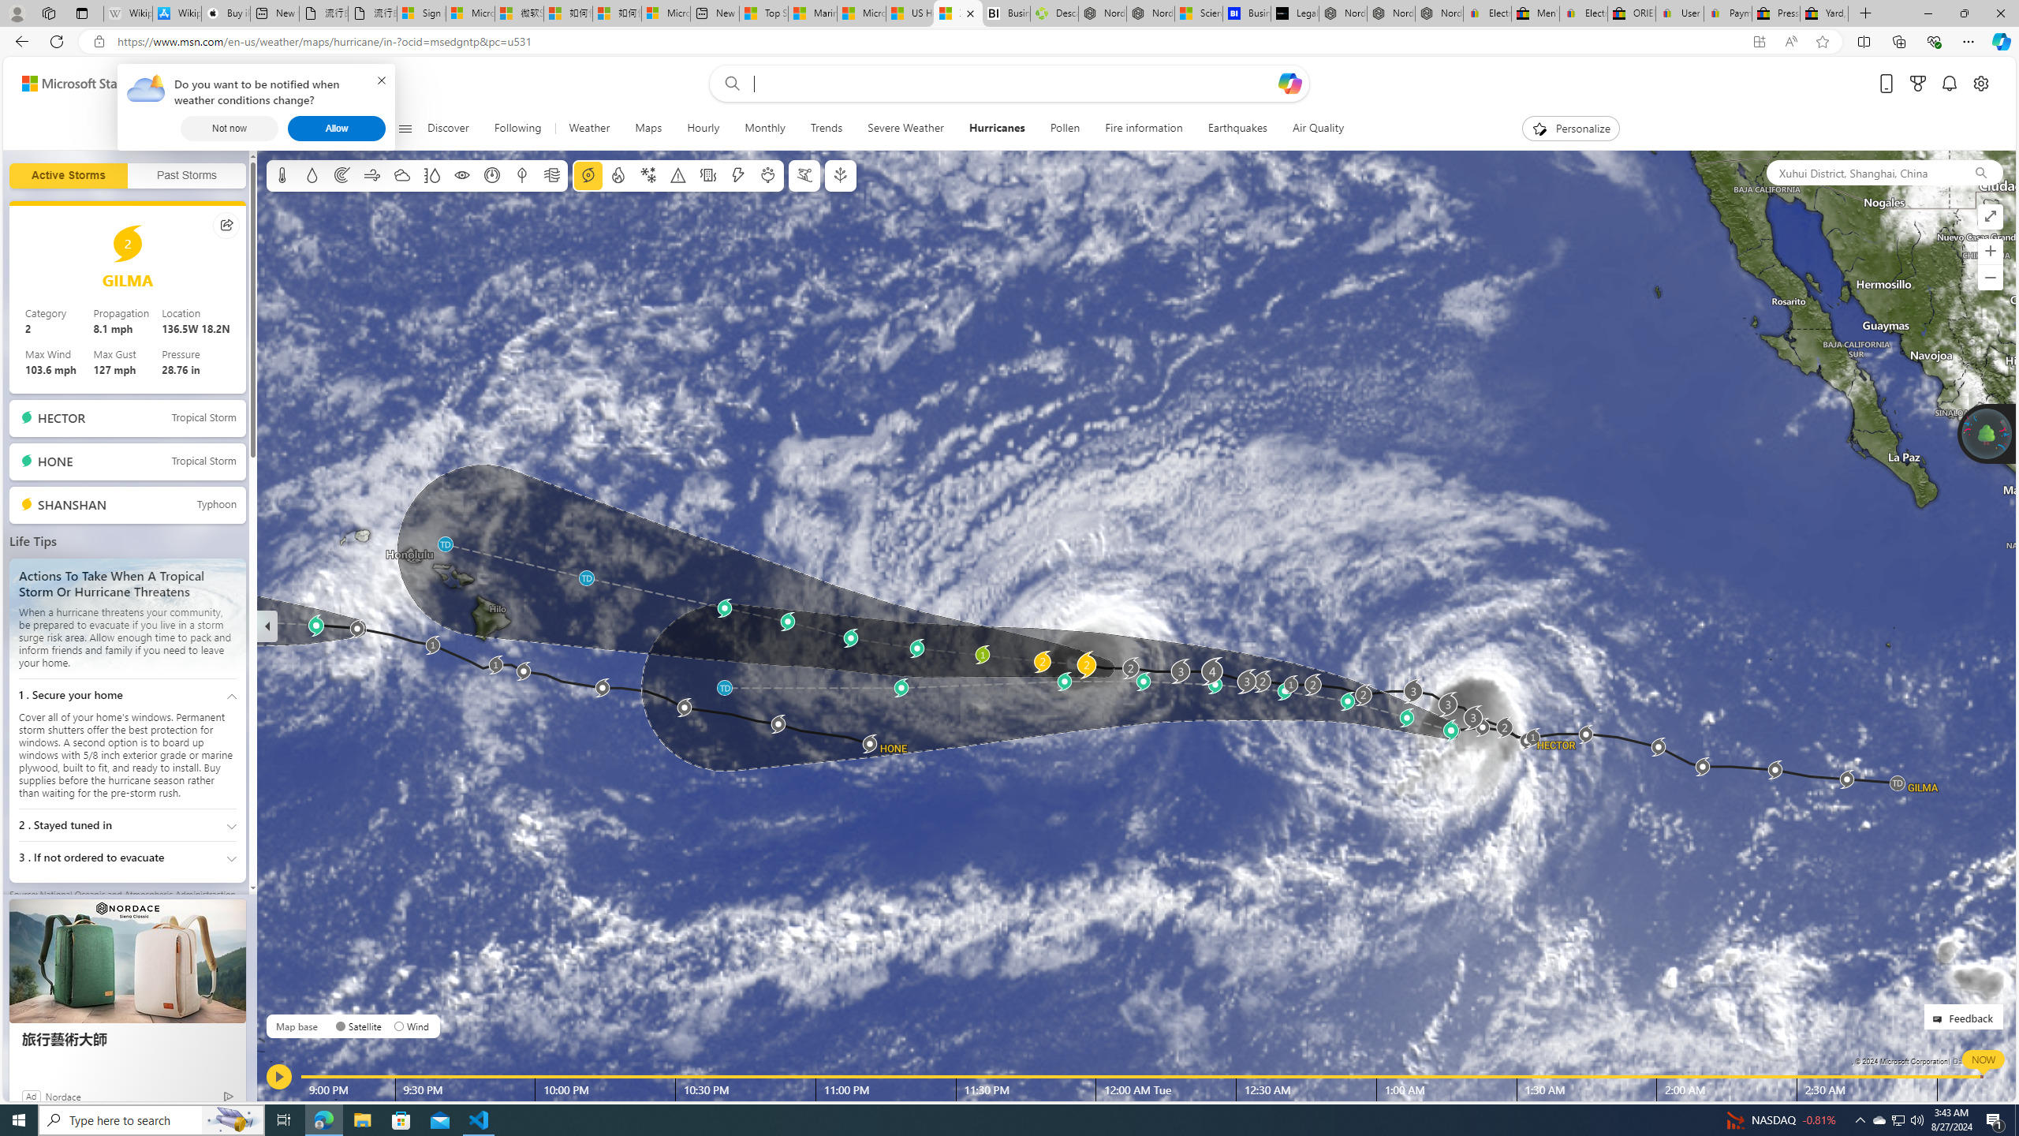 The width and height of the screenshot is (2019, 1136). What do you see at coordinates (1144, 128) in the screenshot?
I see `'Fire information'` at bounding box center [1144, 128].